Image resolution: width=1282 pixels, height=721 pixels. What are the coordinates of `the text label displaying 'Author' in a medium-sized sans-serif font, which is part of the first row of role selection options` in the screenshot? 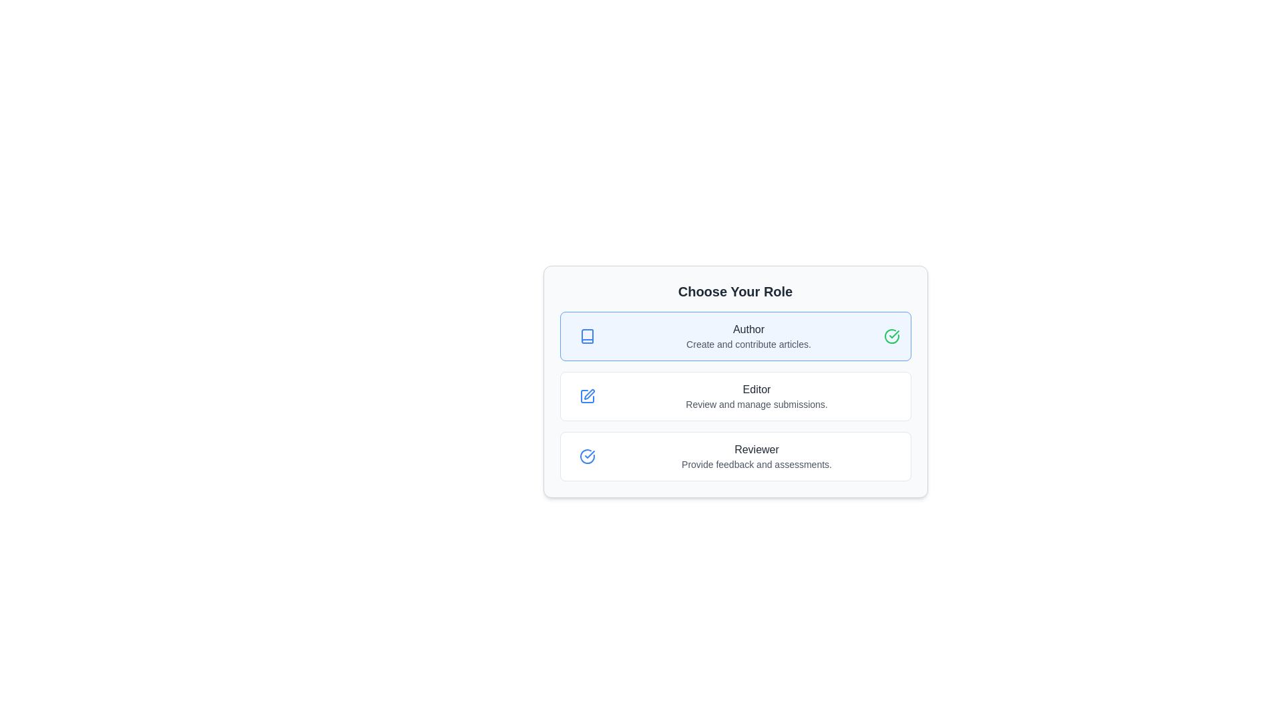 It's located at (749, 329).